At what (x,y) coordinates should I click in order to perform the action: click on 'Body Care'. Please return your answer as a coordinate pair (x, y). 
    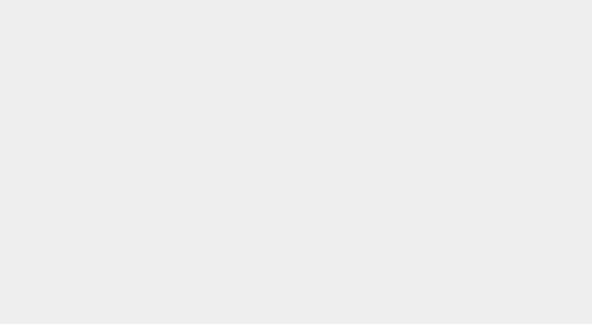
    Looking at the image, I should click on (103, 74).